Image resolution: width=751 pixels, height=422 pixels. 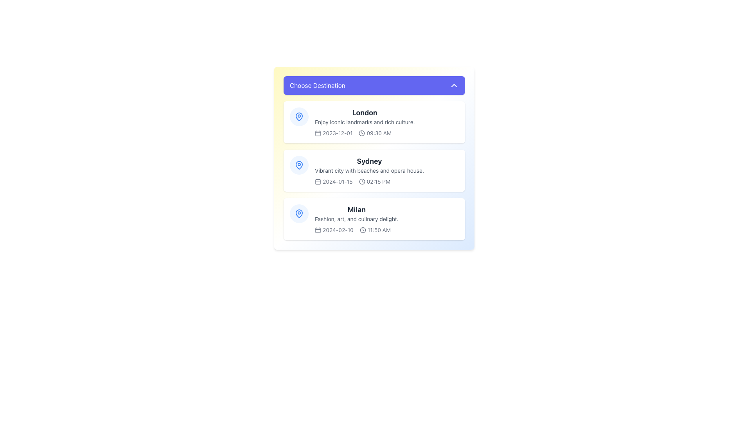 What do you see at coordinates (356, 219) in the screenshot?
I see `the descriptive text label that provides additional details about the location 'Milan', located in the bottom card of the list of destinations` at bounding box center [356, 219].